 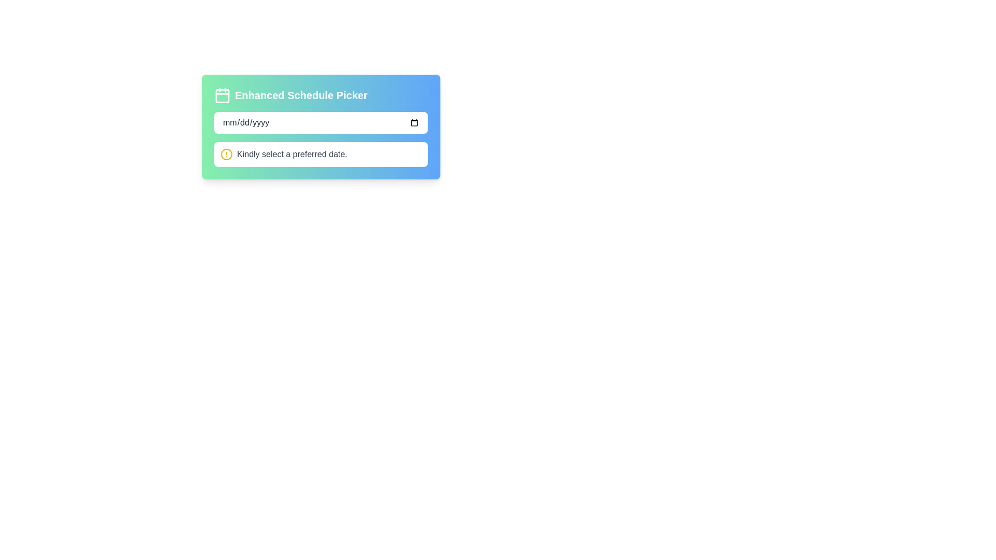 What do you see at coordinates (226, 154) in the screenshot?
I see `the alert icon that indicates a warning, positioned to the left of the text message 'Kindly select a preferred date.'` at bounding box center [226, 154].